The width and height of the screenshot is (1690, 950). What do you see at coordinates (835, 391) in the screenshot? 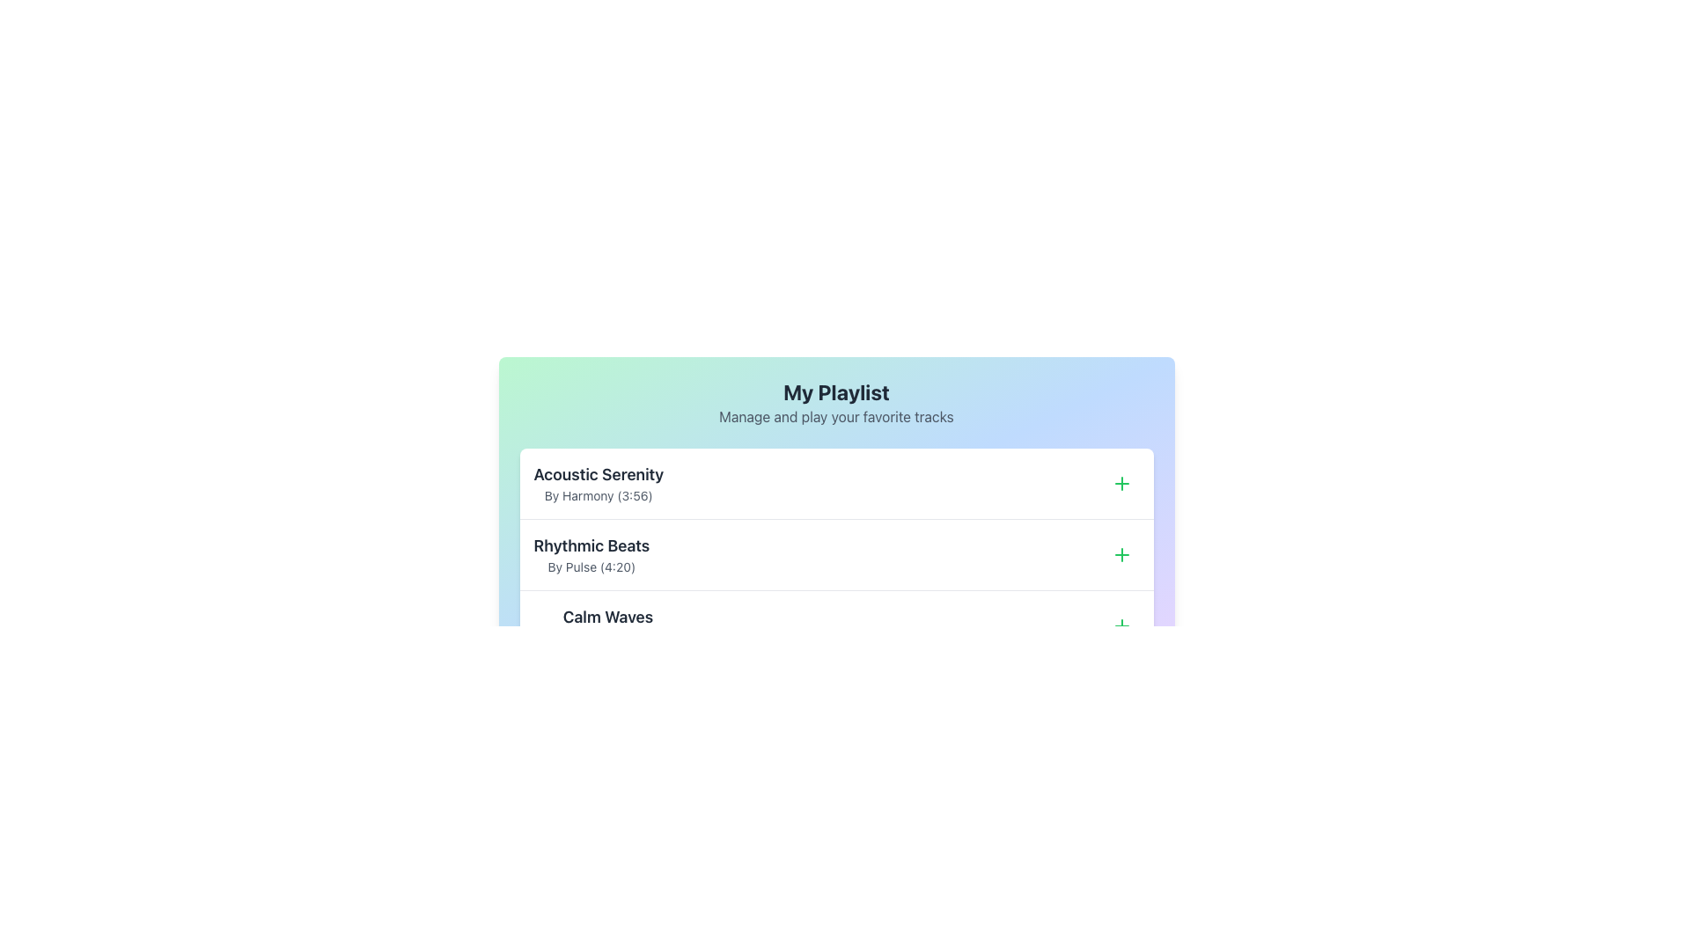
I see `the Text Header element titled 'My Playlist' which is centrally aligned at the top of the interface, indicating the current context of the page` at bounding box center [835, 391].